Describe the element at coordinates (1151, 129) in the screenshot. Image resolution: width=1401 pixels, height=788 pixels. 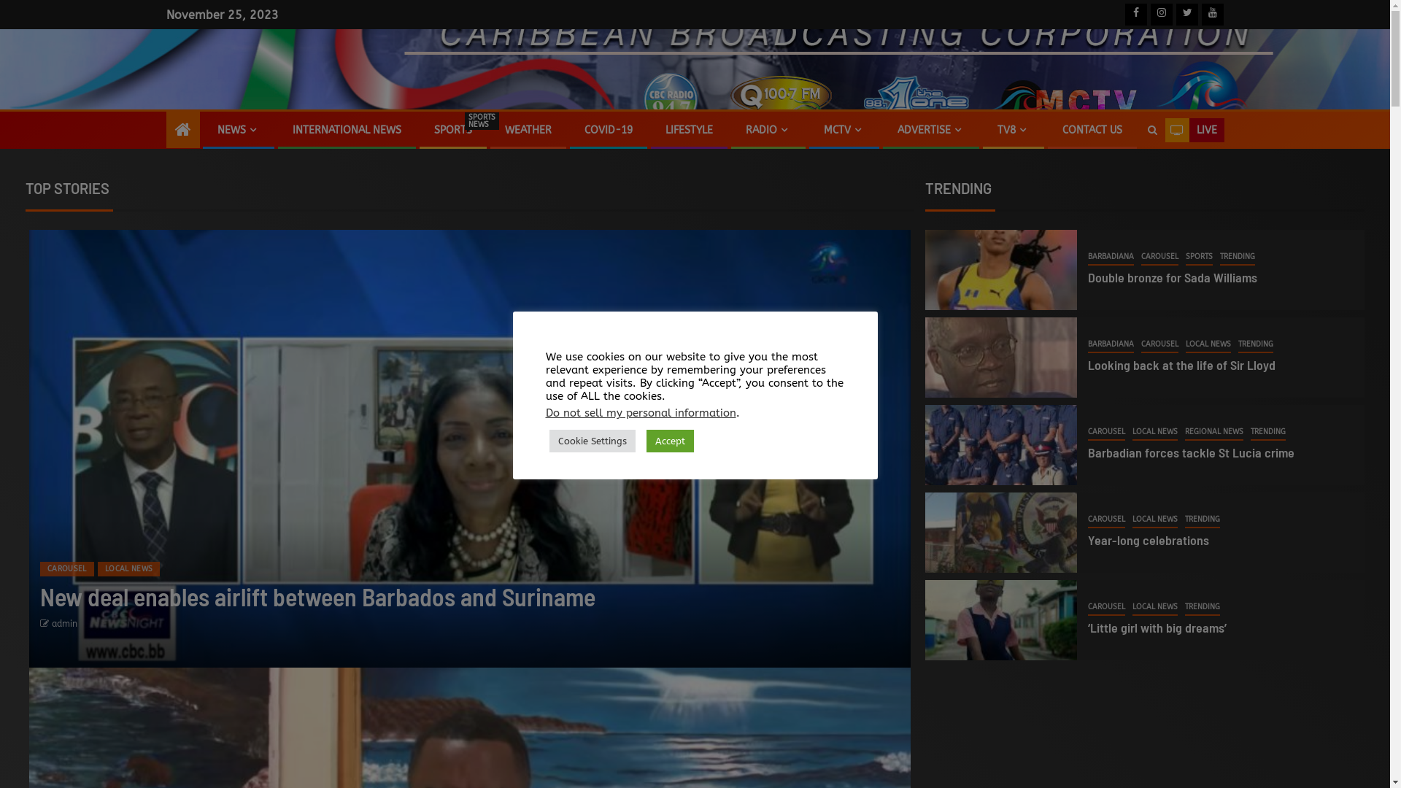
I see `'Search'` at that location.